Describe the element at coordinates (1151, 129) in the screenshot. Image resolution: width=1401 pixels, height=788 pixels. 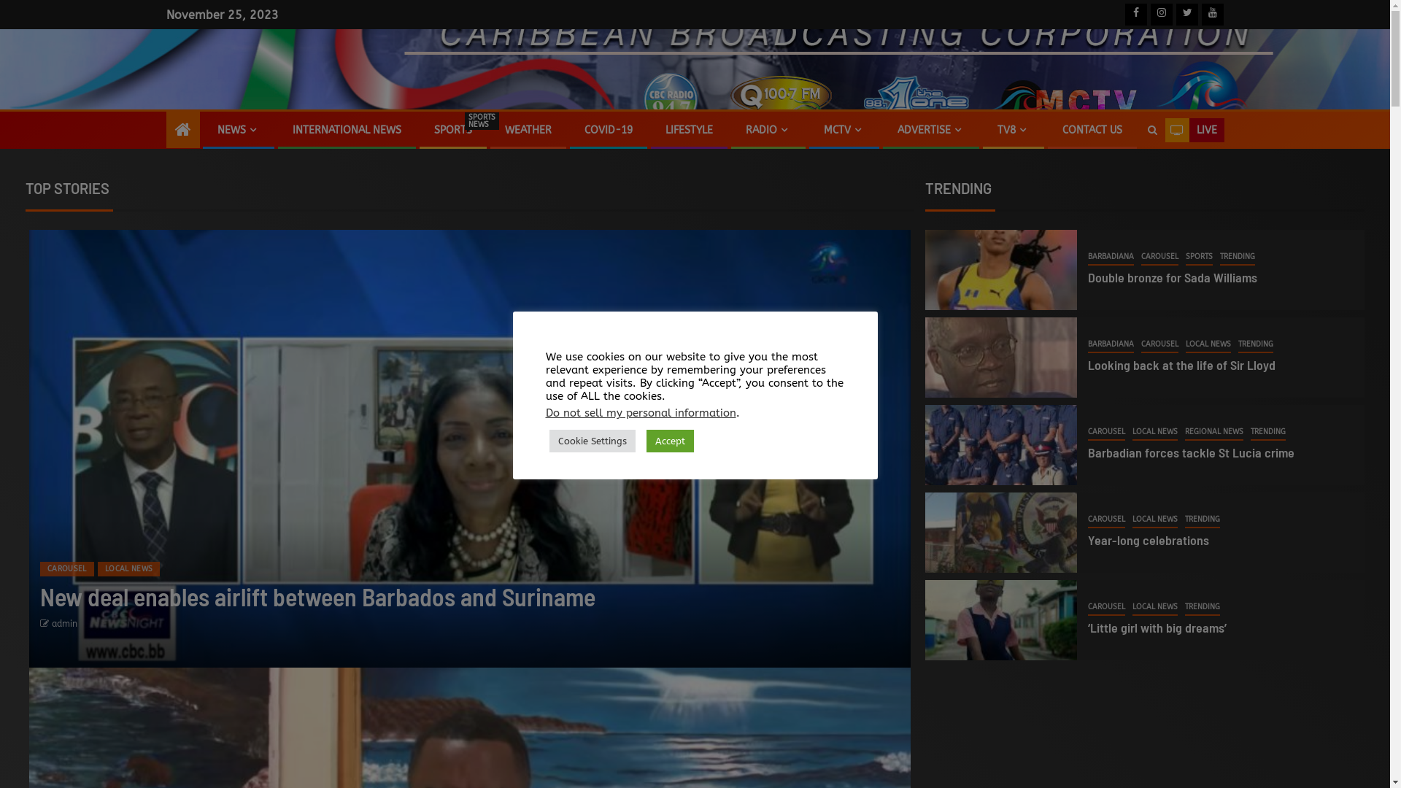
I see `'Search'` at that location.